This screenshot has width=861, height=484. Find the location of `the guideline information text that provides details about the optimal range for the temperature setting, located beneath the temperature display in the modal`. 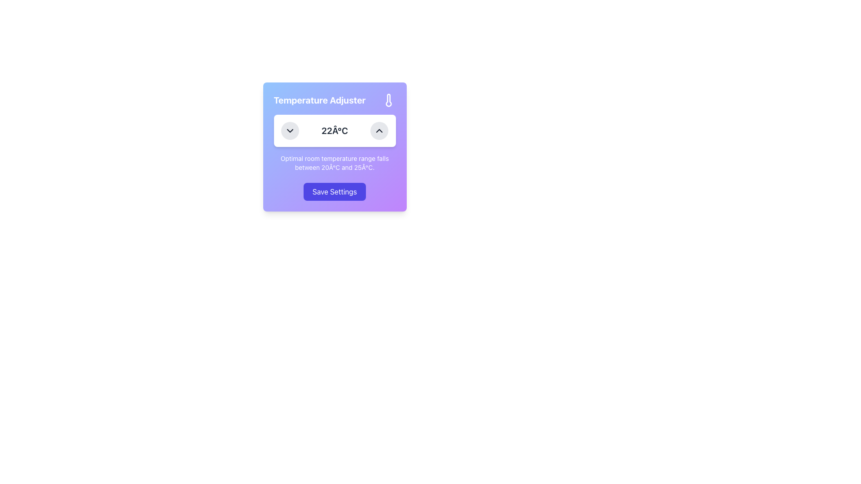

the guideline information text that provides details about the optimal range for the temperature setting, located beneath the temperature display in the modal is located at coordinates (334, 163).